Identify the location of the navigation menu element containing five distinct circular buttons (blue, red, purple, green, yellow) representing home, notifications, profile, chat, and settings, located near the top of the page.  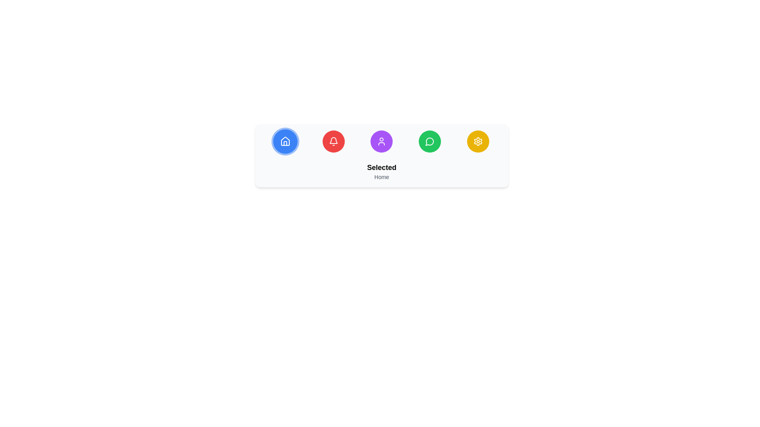
(382, 155).